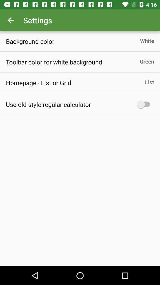 Image resolution: width=160 pixels, height=285 pixels. Describe the element at coordinates (54, 62) in the screenshot. I see `icon next to green icon` at that location.